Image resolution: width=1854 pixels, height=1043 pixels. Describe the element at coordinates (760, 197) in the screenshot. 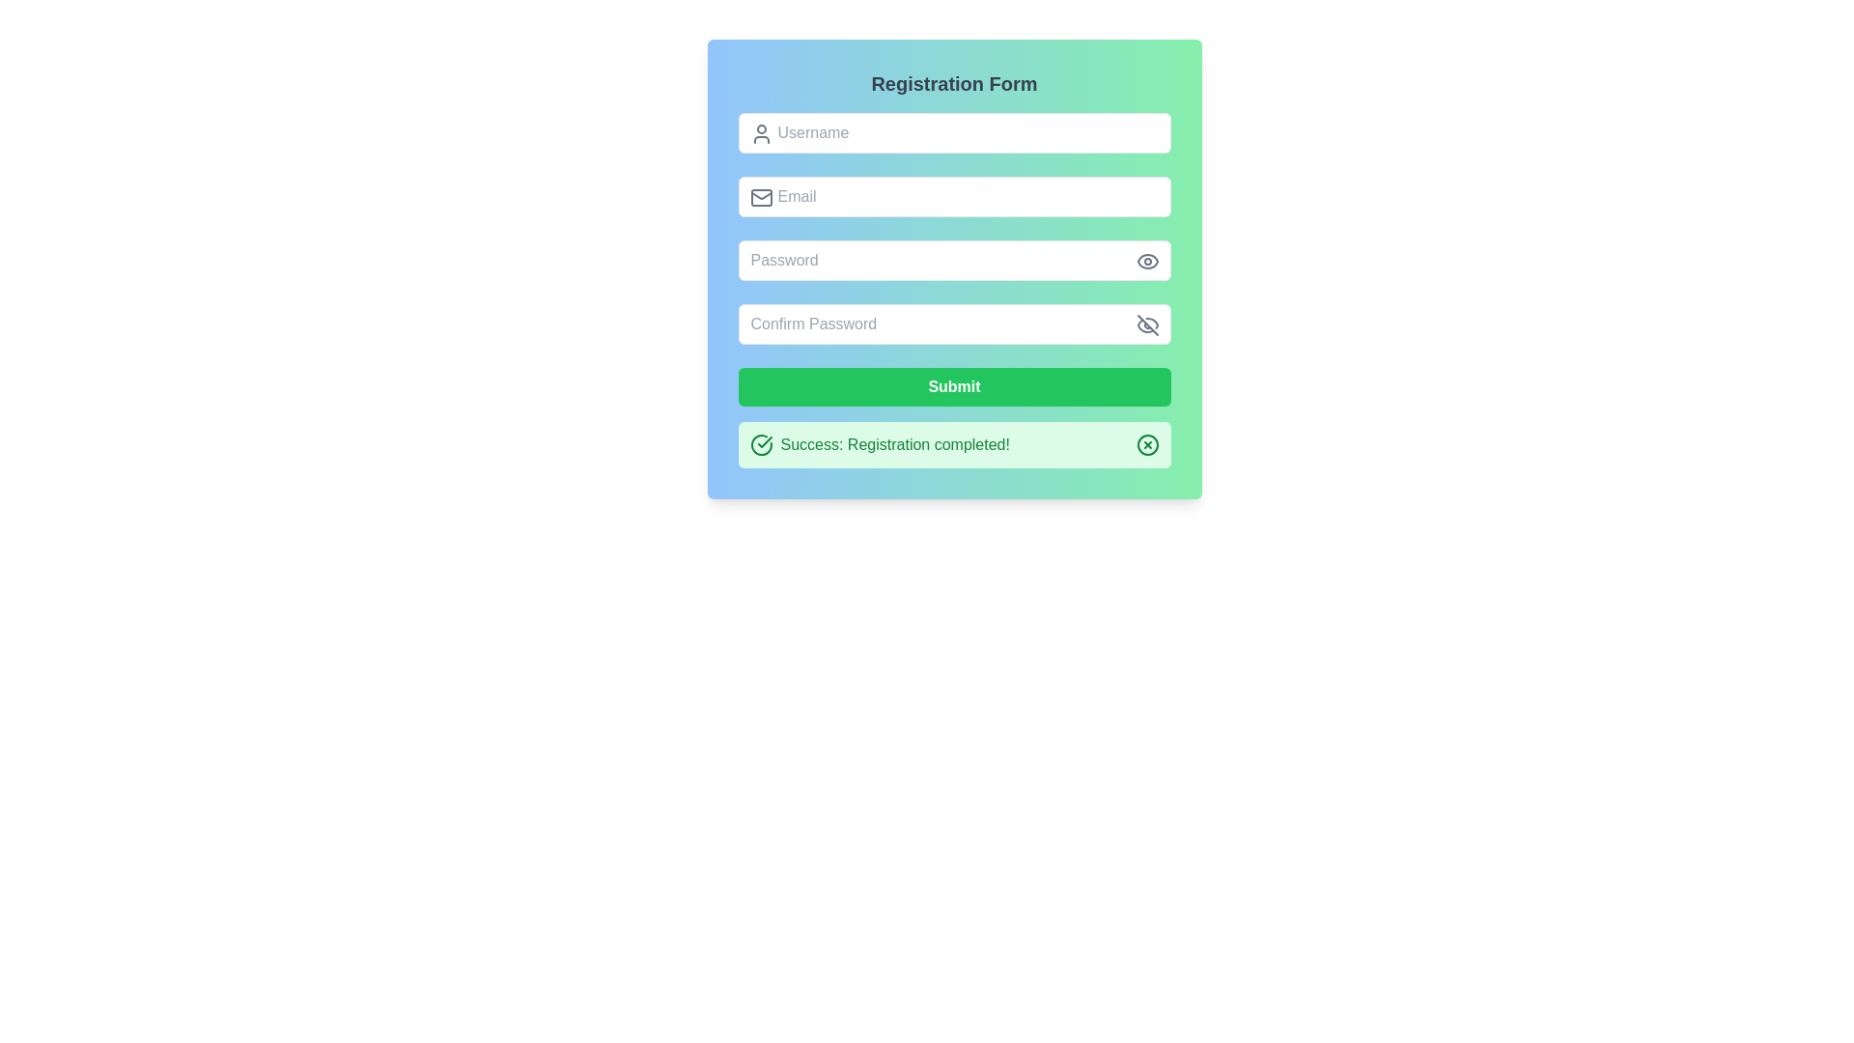

I see `the gray mail icon, which is an outline drawing with a rectangular base and a triangular flap, located to the left of the 'Email' placeholder text in the email input field, to focus the associated text field` at that location.